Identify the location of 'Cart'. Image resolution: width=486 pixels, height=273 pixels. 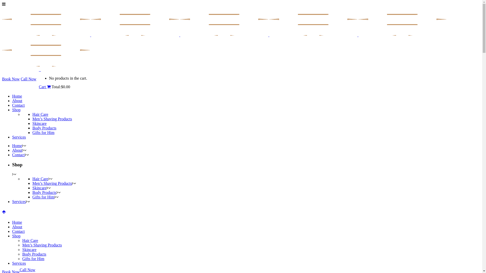
(45, 86).